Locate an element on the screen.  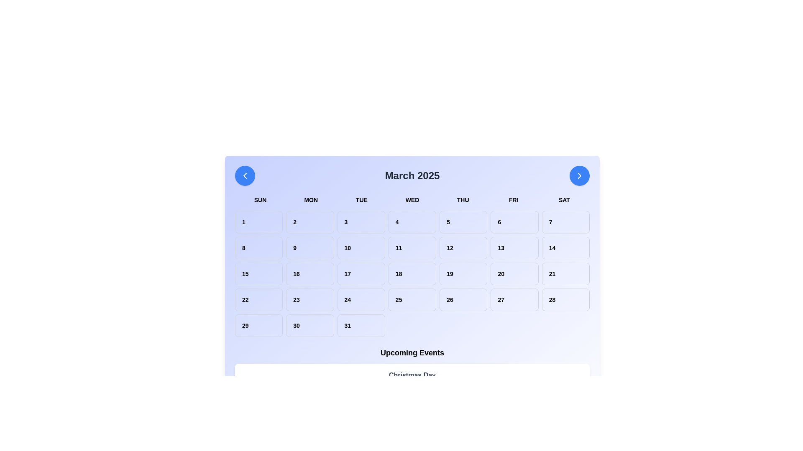
the button corresponding to the date '28' in the Saturday column of the March 2025 calendar is located at coordinates (565, 299).